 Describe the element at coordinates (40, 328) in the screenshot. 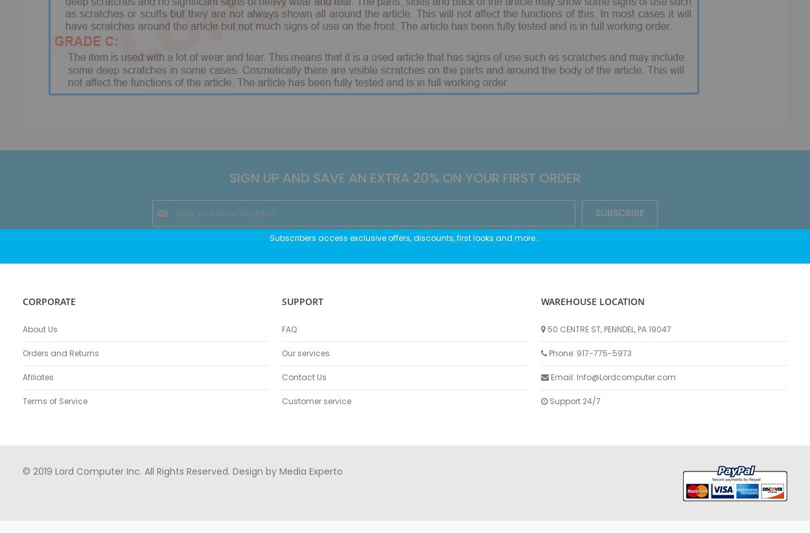

I see `'About Us'` at that location.